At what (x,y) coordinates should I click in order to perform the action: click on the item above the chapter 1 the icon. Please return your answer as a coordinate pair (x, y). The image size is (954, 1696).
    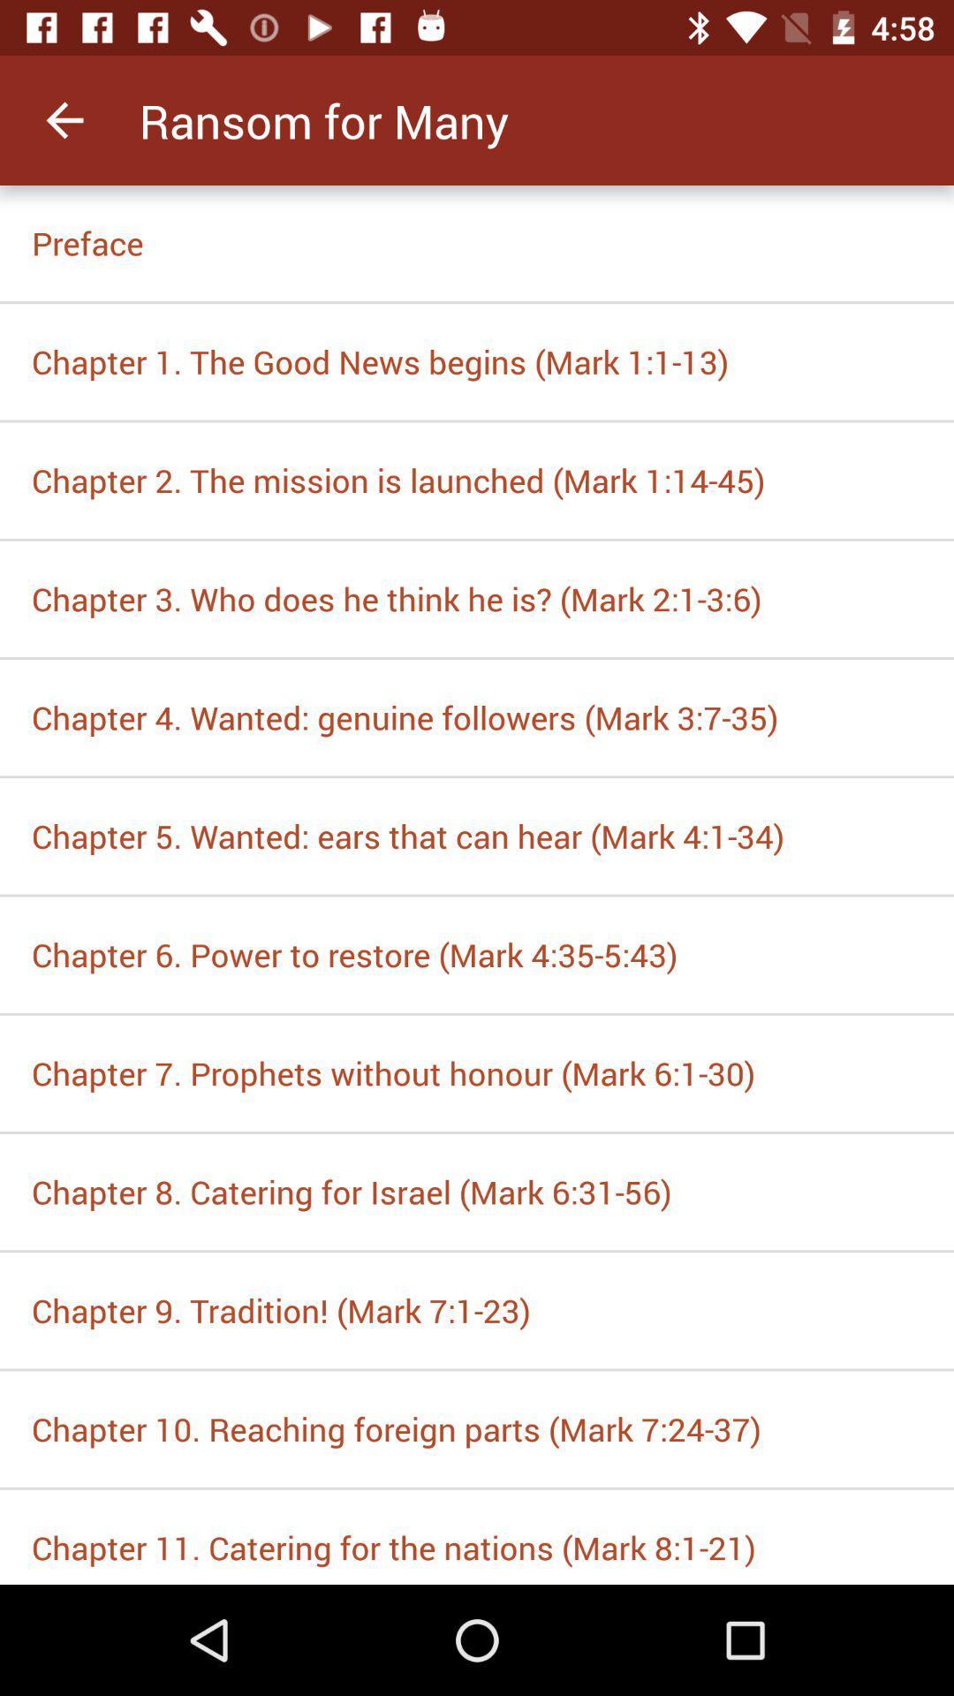
    Looking at the image, I should click on (477, 242).